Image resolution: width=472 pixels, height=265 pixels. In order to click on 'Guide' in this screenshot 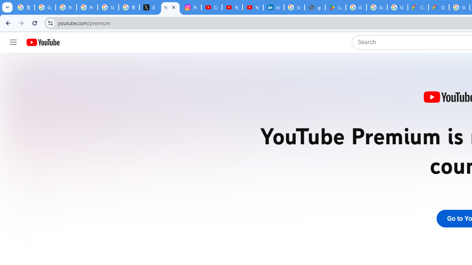, I will do `click(13, 42)`.